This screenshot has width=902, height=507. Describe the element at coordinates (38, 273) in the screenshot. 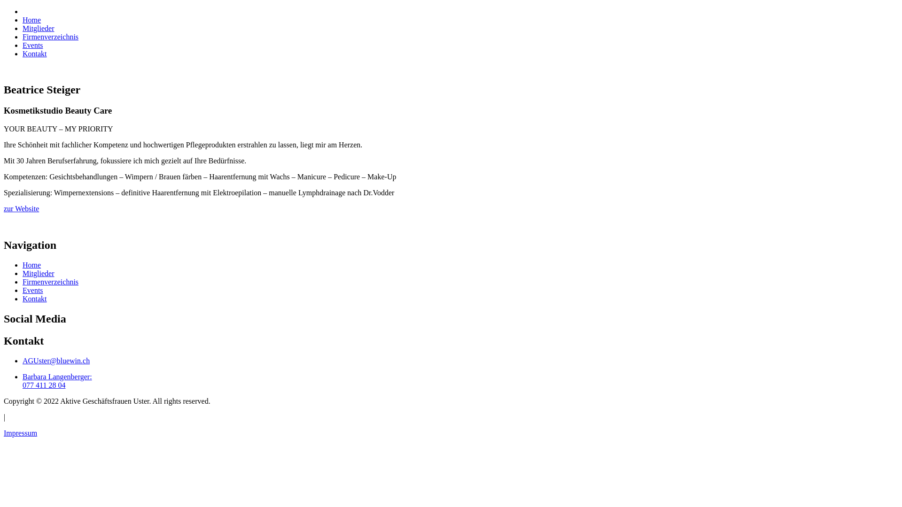

I see `'Mitglieder'` at that location.